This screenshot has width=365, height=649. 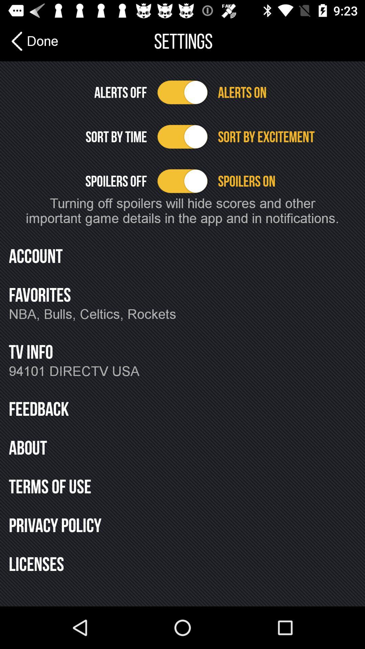 I want to click on sort by option, so click(x=182, y=136).